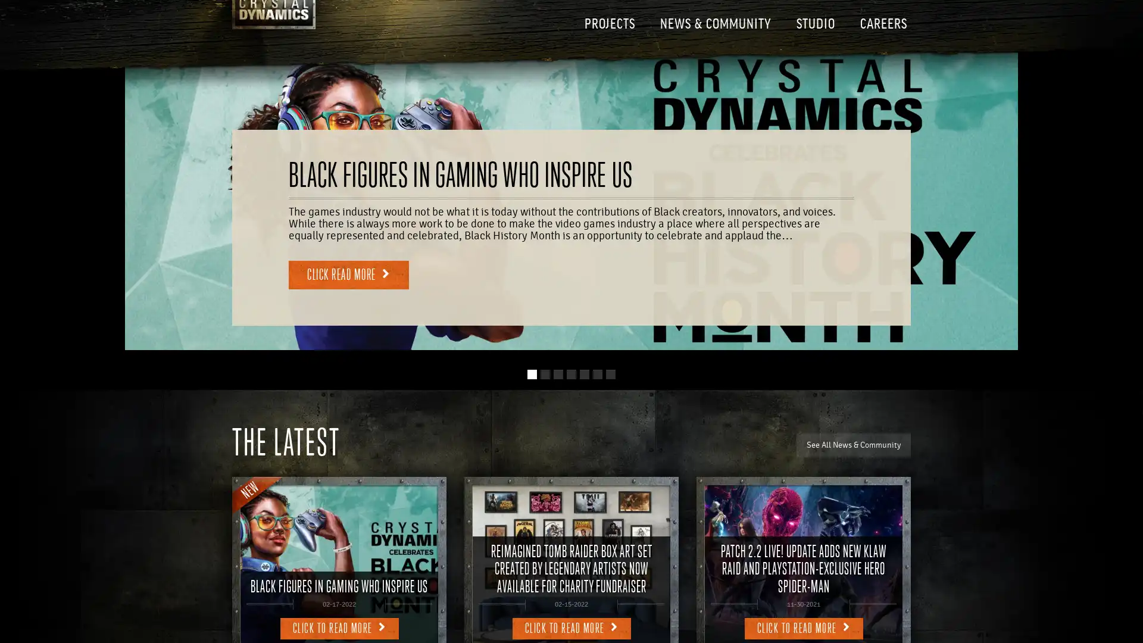  What do you see at coordinates (570, 628) in the screenshot?
I see `CLICK TO READ MORE` at bounding box center [570, 628].